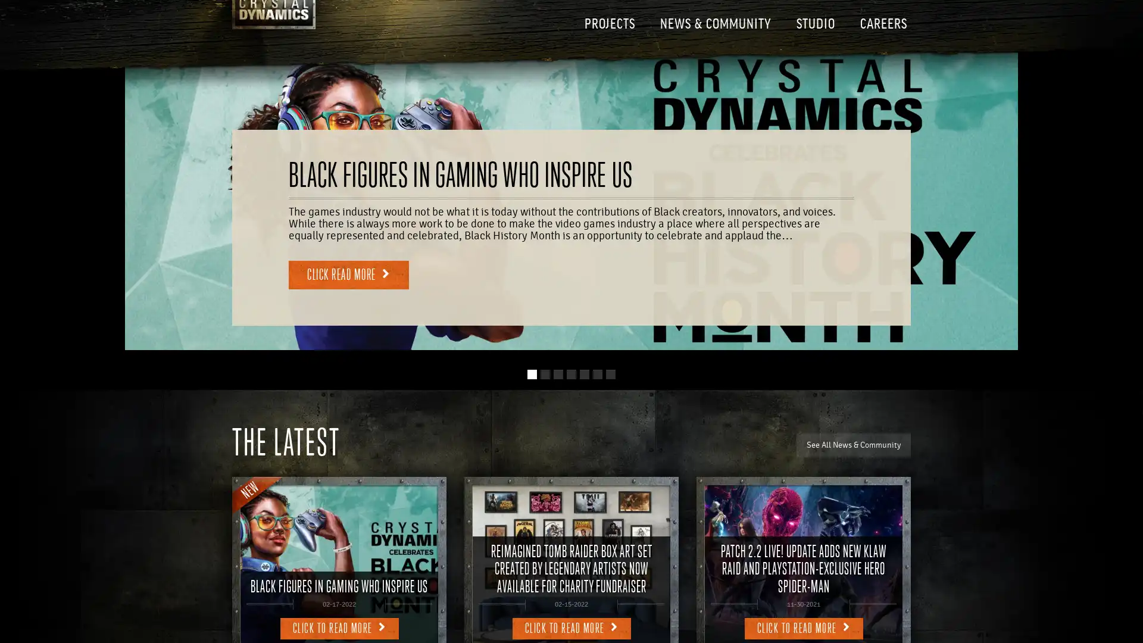  What do you see at coordinates (570, 628) in the screenshot?
I see `CLICK TO READ MORE` at bounding box center [570, 628].